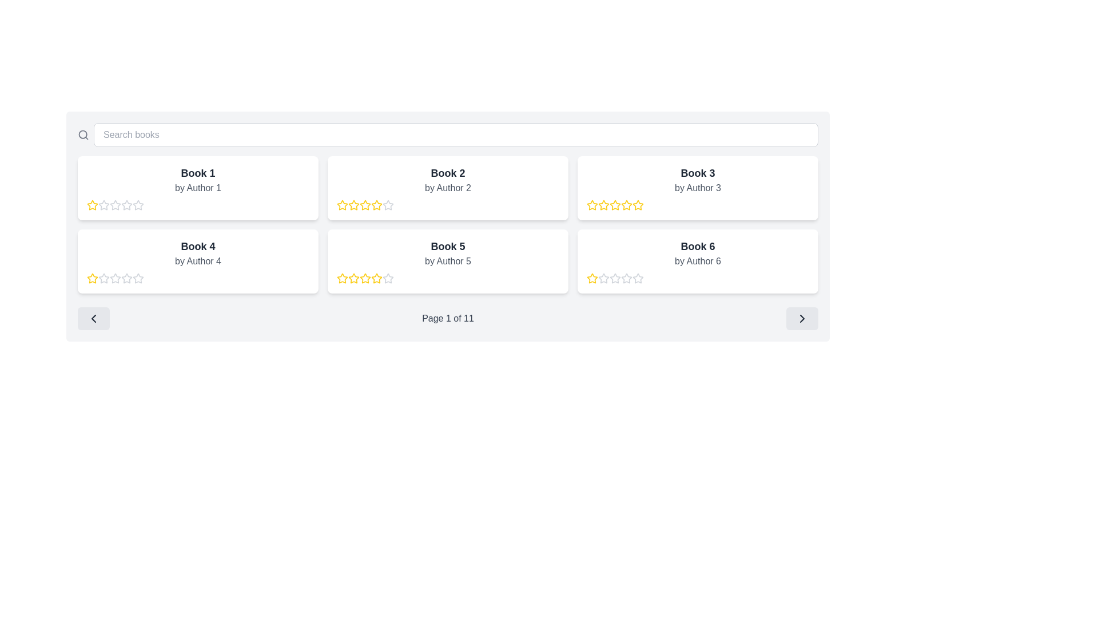  Describe the element at coordinates (388, 278) in the screenshot. I see `the inactive star-shaped icon, which is the fifth star` at that location.